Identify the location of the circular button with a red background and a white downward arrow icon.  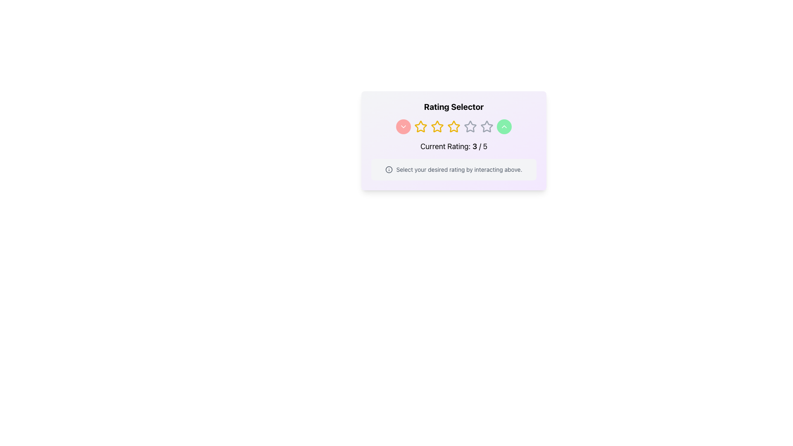
(404, 127).